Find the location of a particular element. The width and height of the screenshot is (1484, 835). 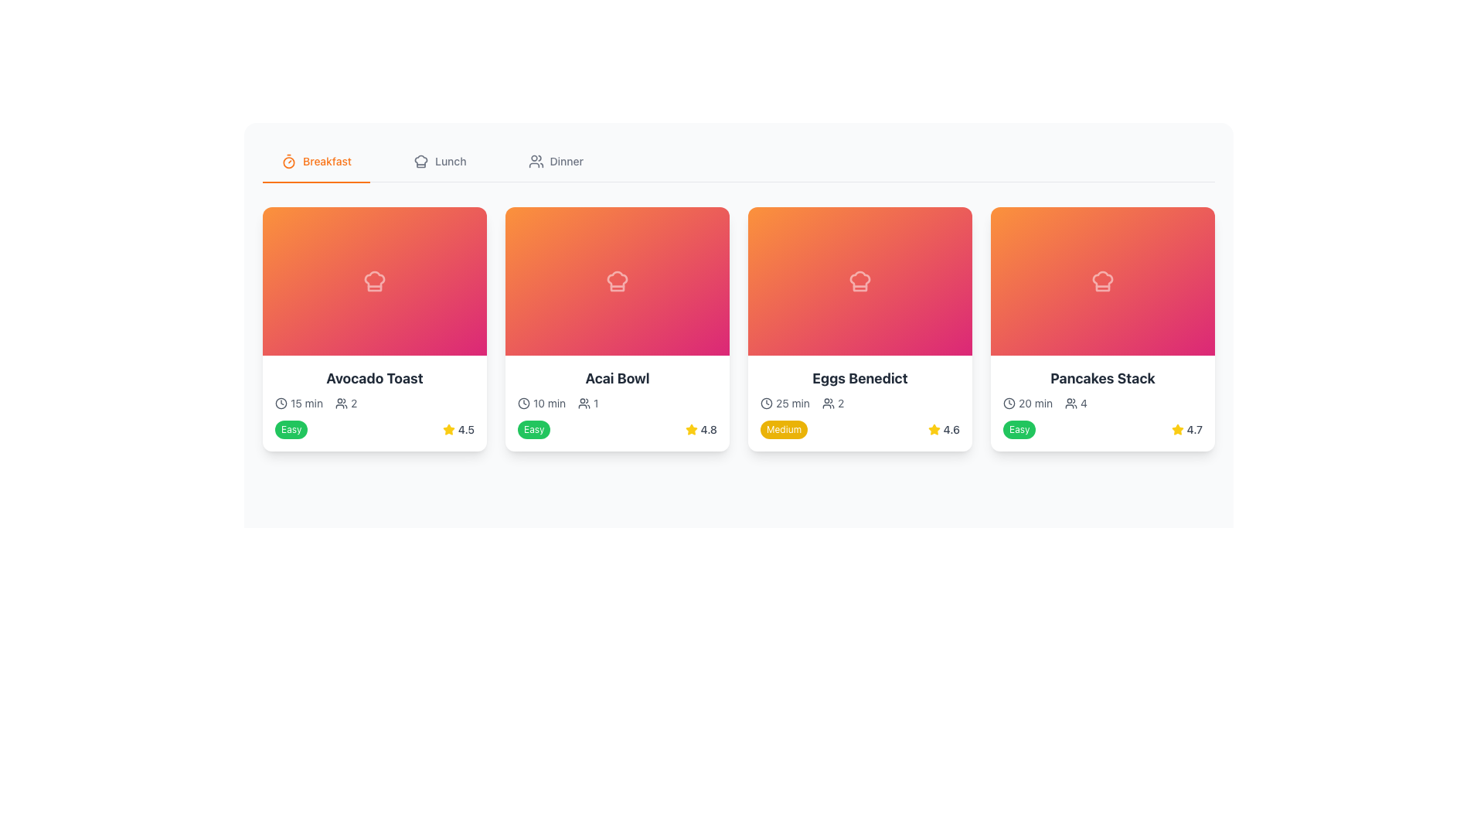

the second button in the horizontal navigation bar is located at coordinates (439, 161).